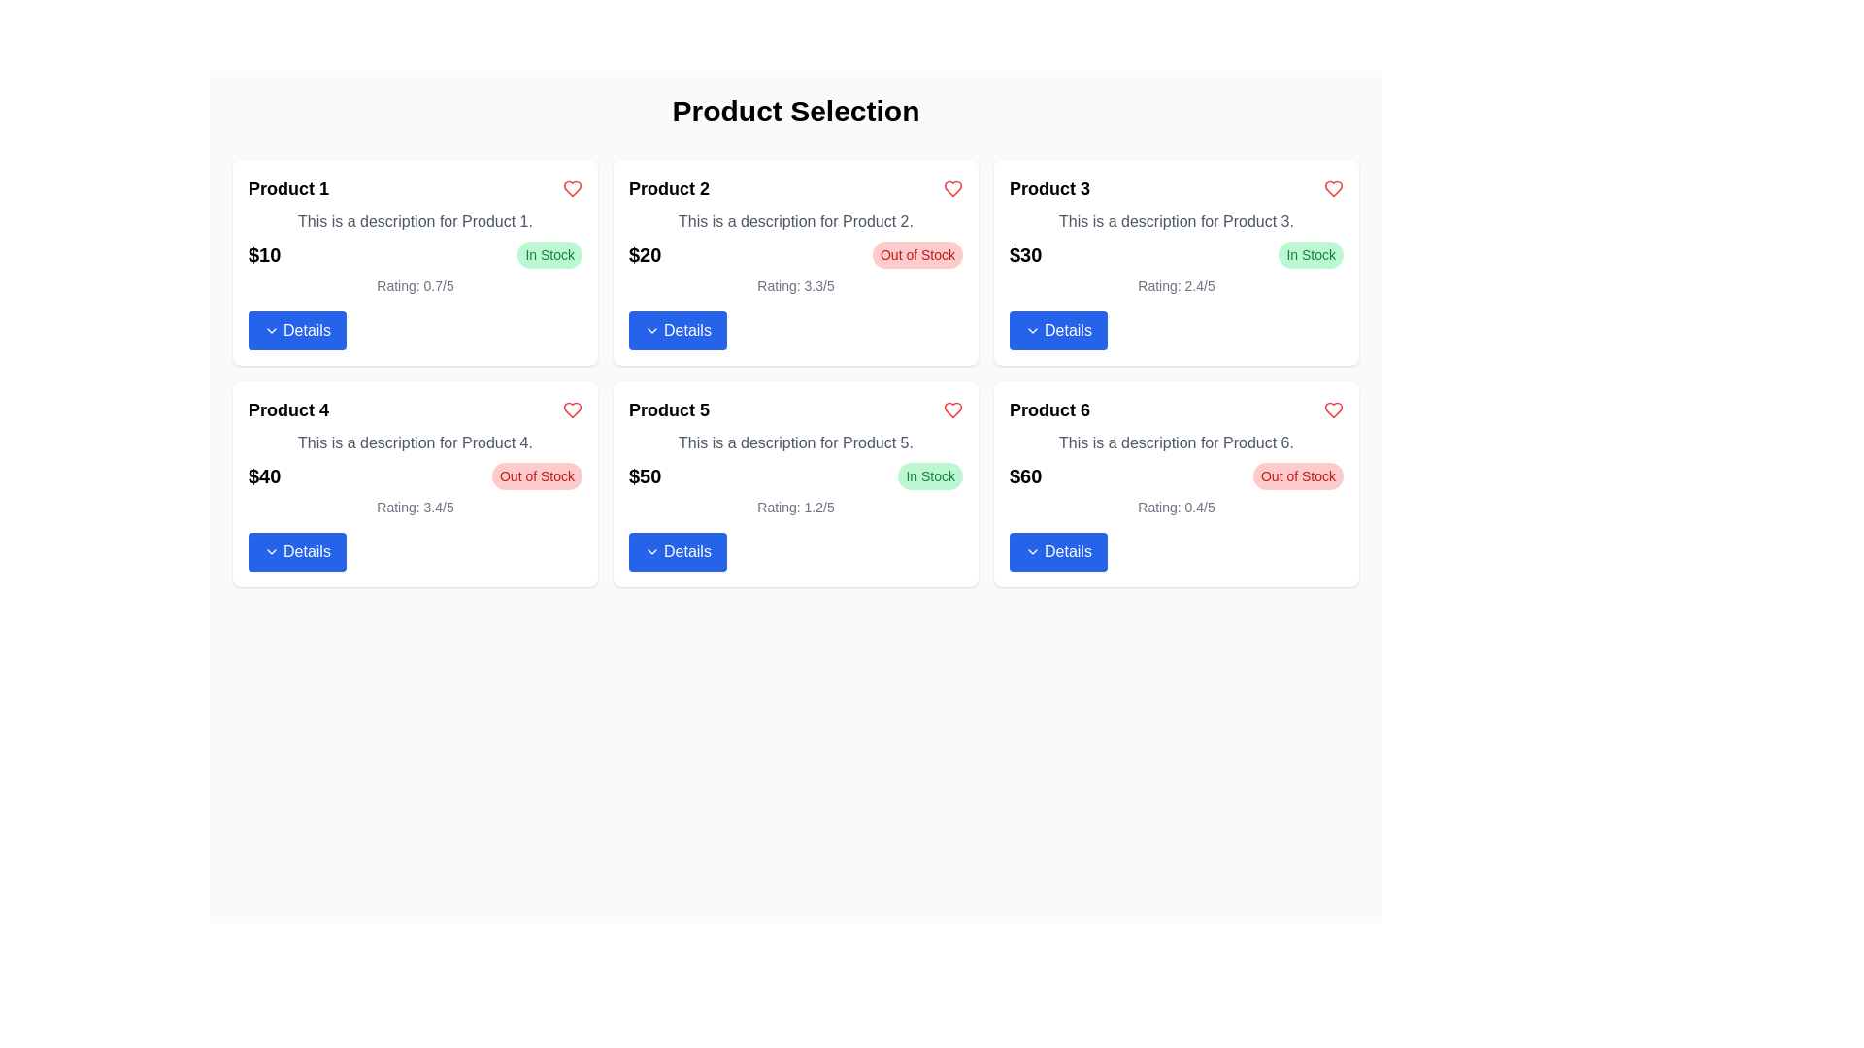  Describe the element at coordinates (572, 189) in the screenshot. I see `the red heart-shaped icon in the top-right corner of the 'Product 4' card` at that location.